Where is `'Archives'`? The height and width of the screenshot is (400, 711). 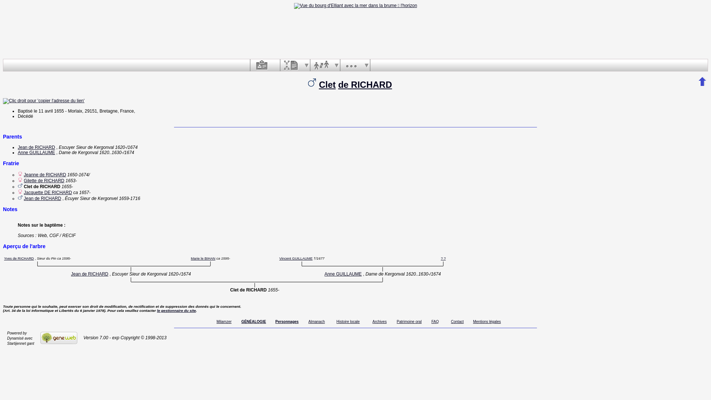
'Archives' is located at coordinates (380, 321).